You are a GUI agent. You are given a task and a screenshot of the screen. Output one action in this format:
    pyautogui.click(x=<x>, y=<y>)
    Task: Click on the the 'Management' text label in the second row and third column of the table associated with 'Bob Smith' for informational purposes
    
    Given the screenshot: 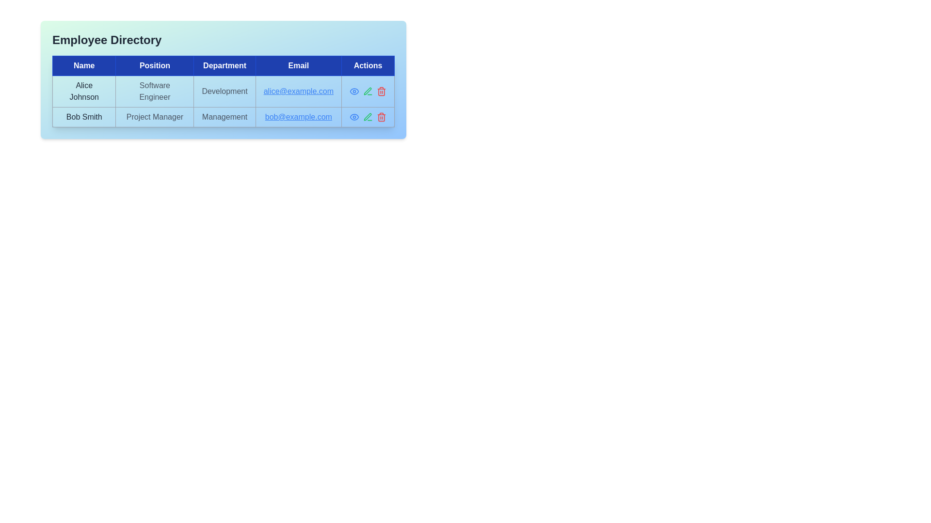 What is the action you would take?
    pyautogui.click(x=224, y=117)
    